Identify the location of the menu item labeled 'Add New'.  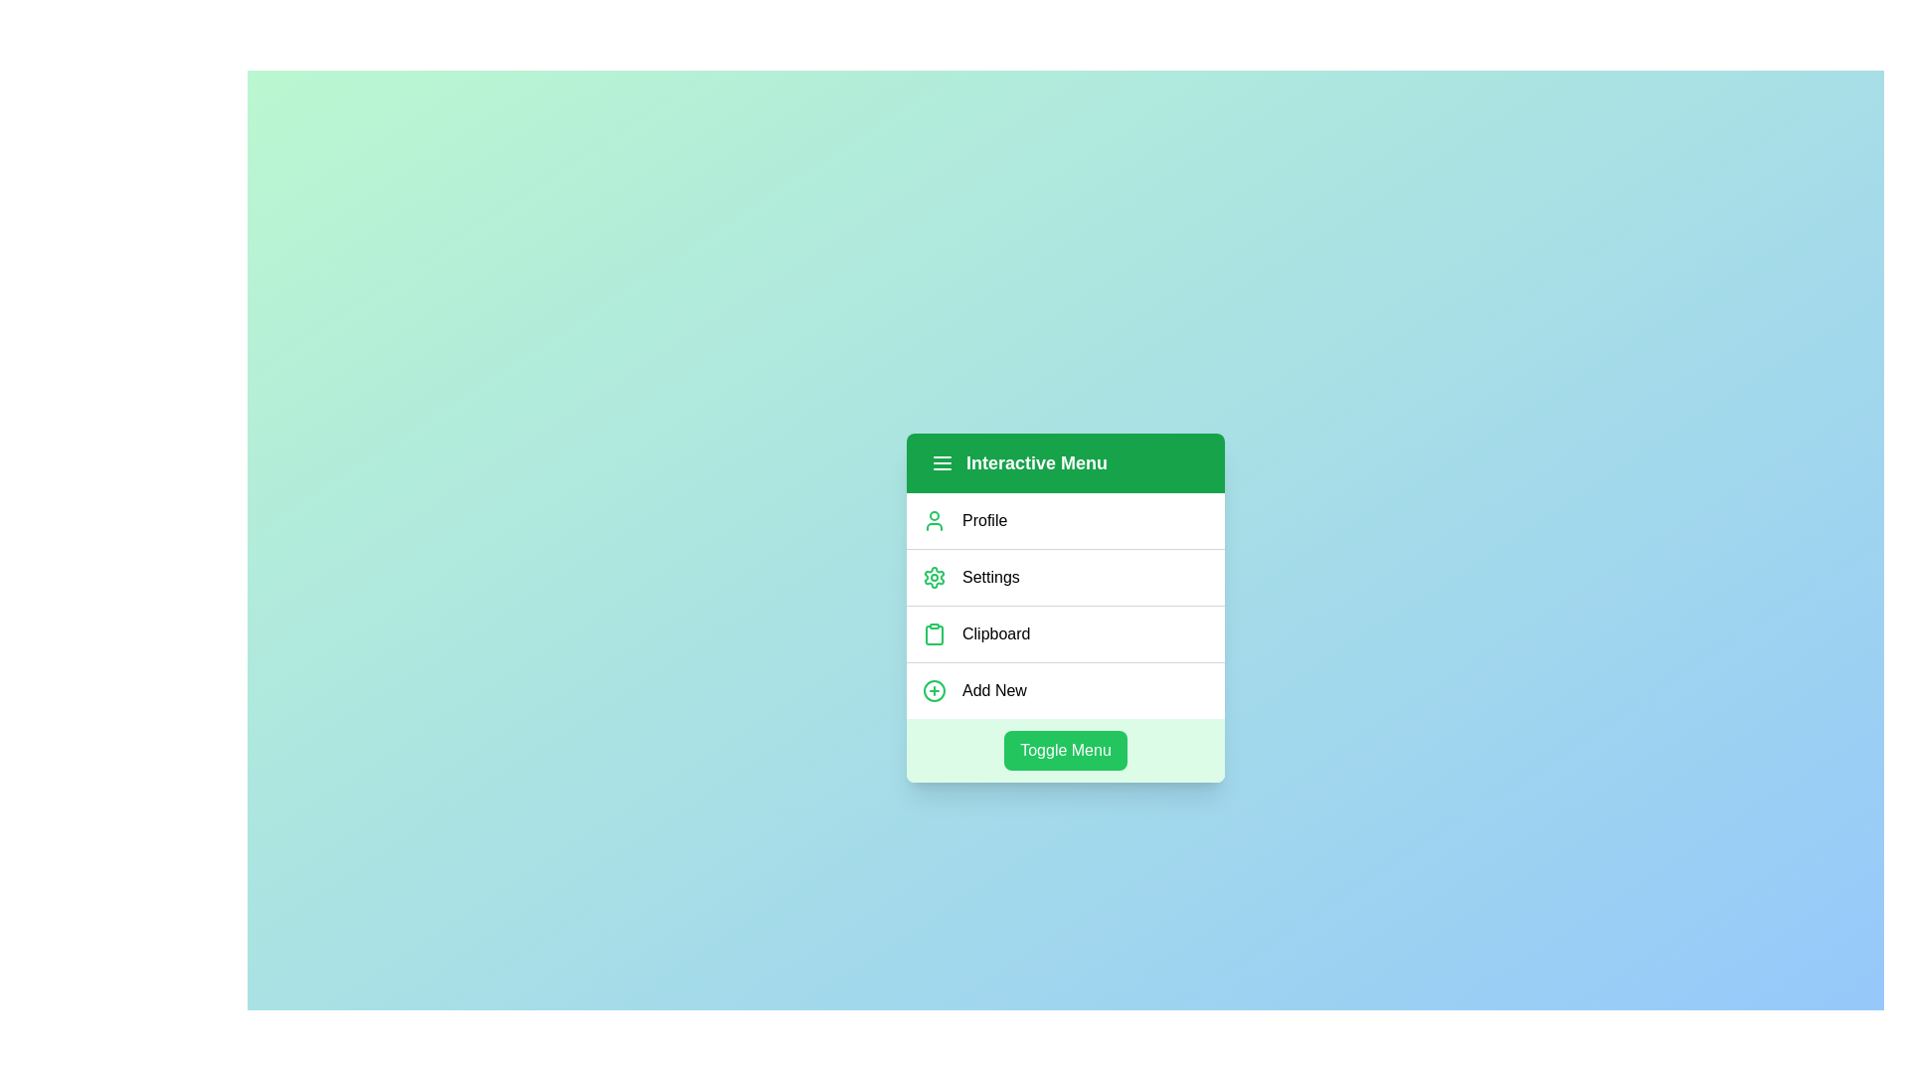
(1064, 689).